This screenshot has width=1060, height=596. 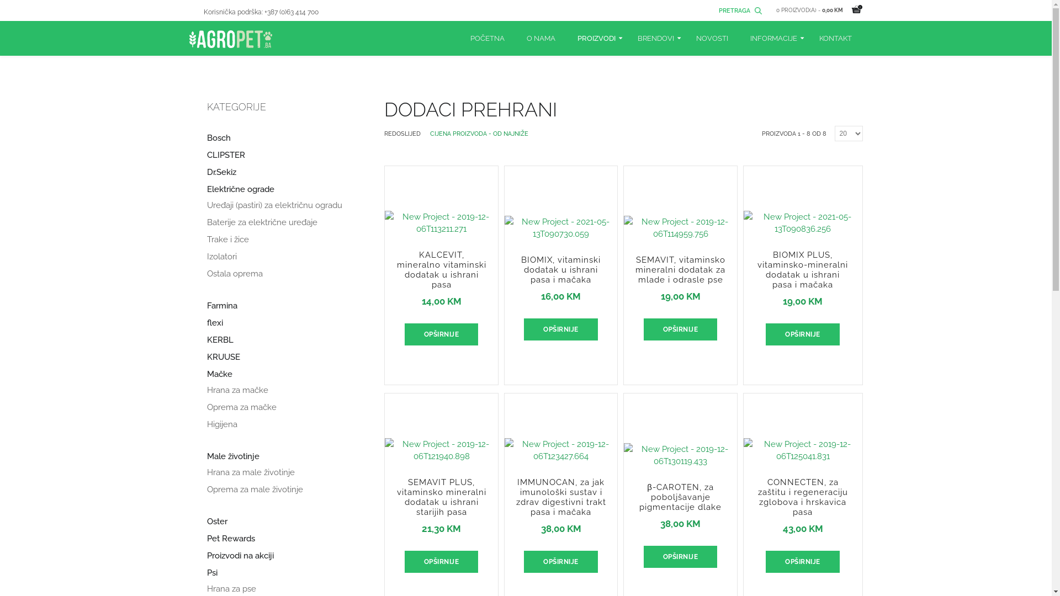 What do you see at coordinates (596, 38) in the screenshot?
I see `'PROIZVODI'` at bounding box center [596, 38].